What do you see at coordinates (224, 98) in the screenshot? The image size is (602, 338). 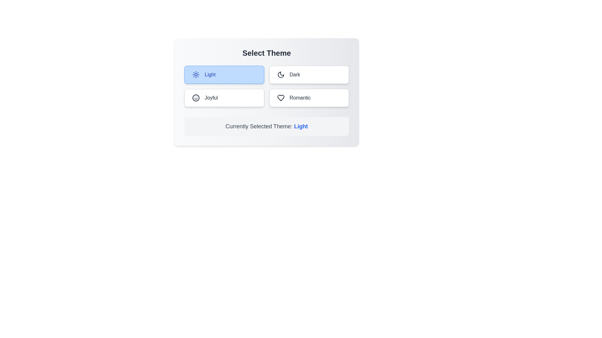 I see `the theme Joyful by clicking on the corresponding button` at bounding box center [224, 98].